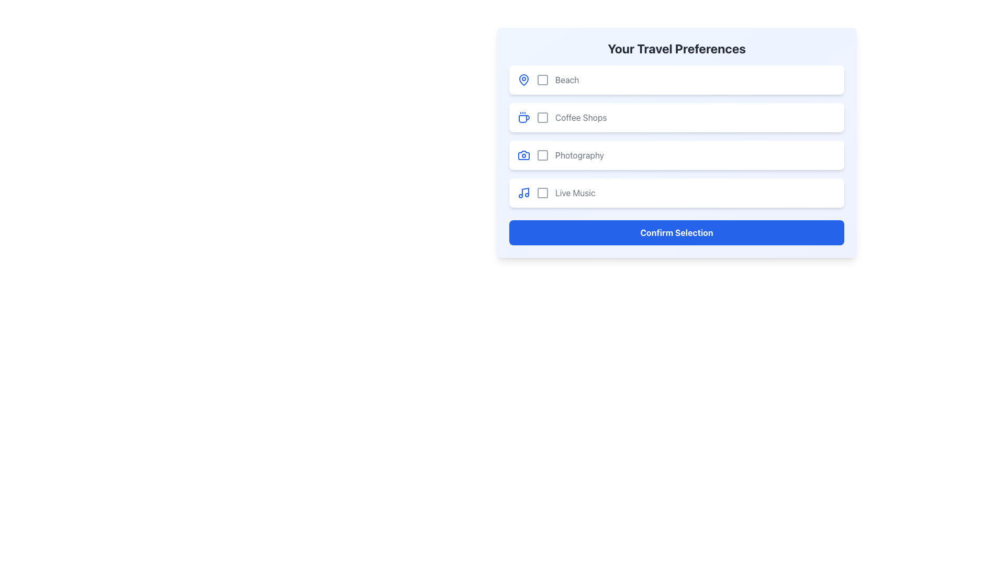 The width and height of the screenshot is (1005, 565). What do you see at coordinates (524, 78) in the screenshot?
I see `the bottom part of the location pin icon representing the 'Beach' preference in the travel options list` at bounding box center [524, 78].